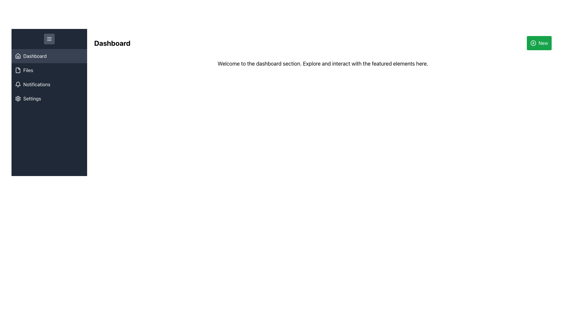 The height and width of the screenshot is (319, 567). What do you see at coordinates (49, 84) in the screenshot?
I see `the 'Notifications' menu item, which is the third item in the vertical menu bar on the left, featuring a bell icon and light text on a dark background` at bounding box center [49, 84].